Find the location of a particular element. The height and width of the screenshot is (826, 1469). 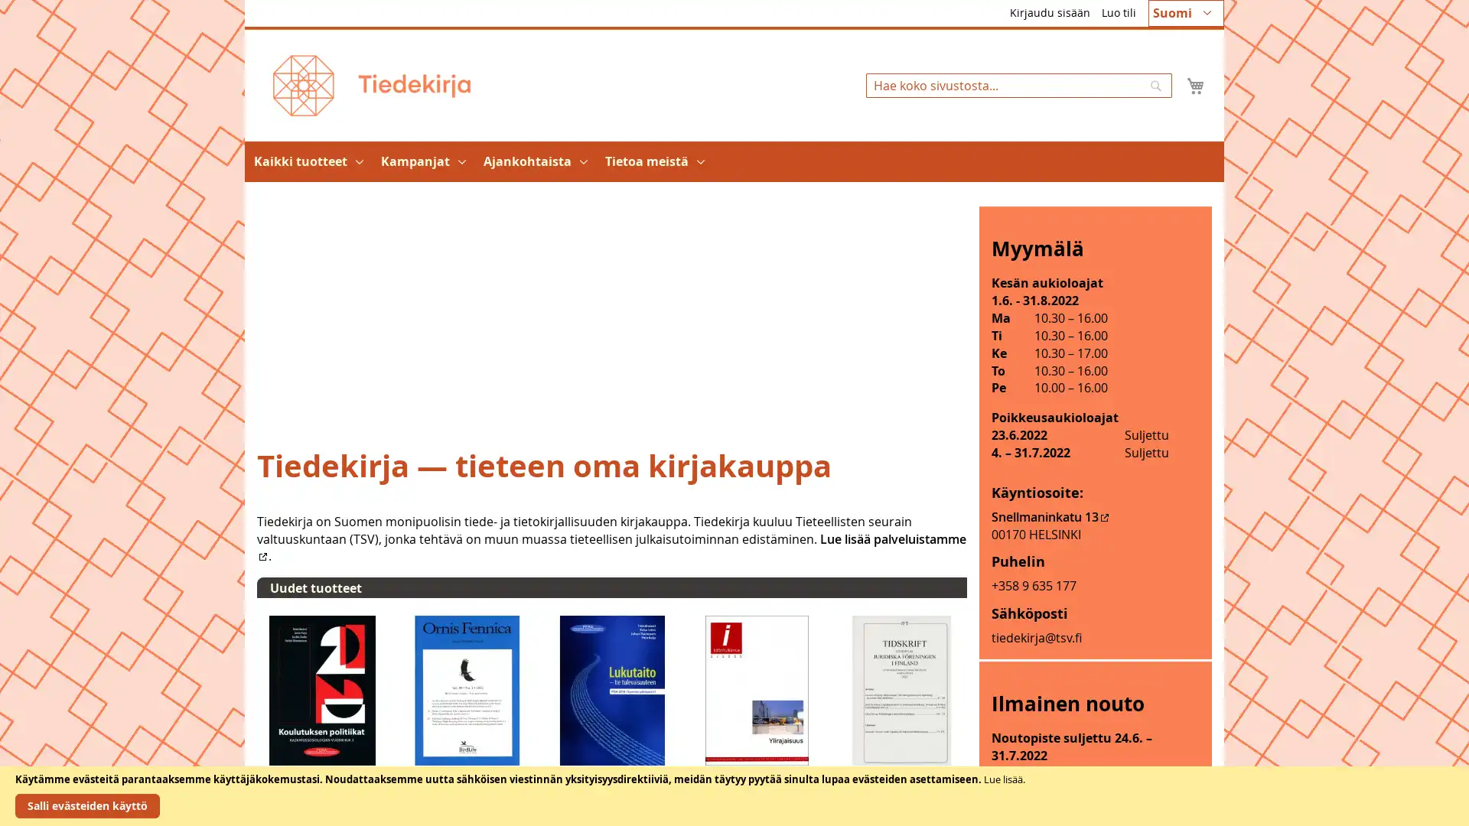

Search is located at coordinates (1156, 85).